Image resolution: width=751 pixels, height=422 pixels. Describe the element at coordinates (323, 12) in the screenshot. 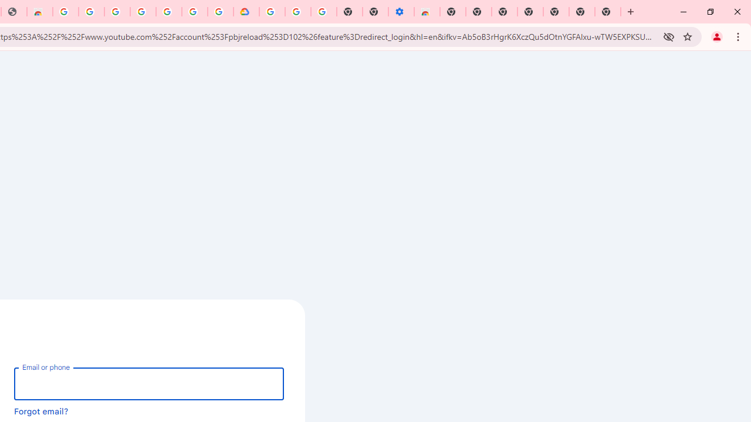

I see `'Turn cookies on or off - Computer - Google Account Help'` at that location.